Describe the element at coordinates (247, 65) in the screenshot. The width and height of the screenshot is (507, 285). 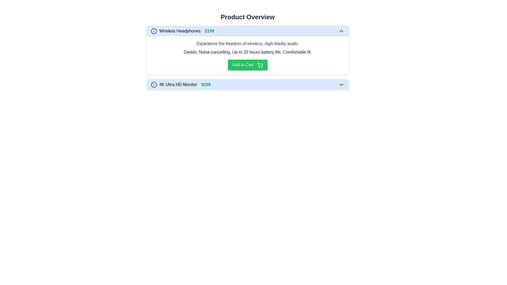
I see `the button located below the product description for 'Wireless Headphones'` at that location.